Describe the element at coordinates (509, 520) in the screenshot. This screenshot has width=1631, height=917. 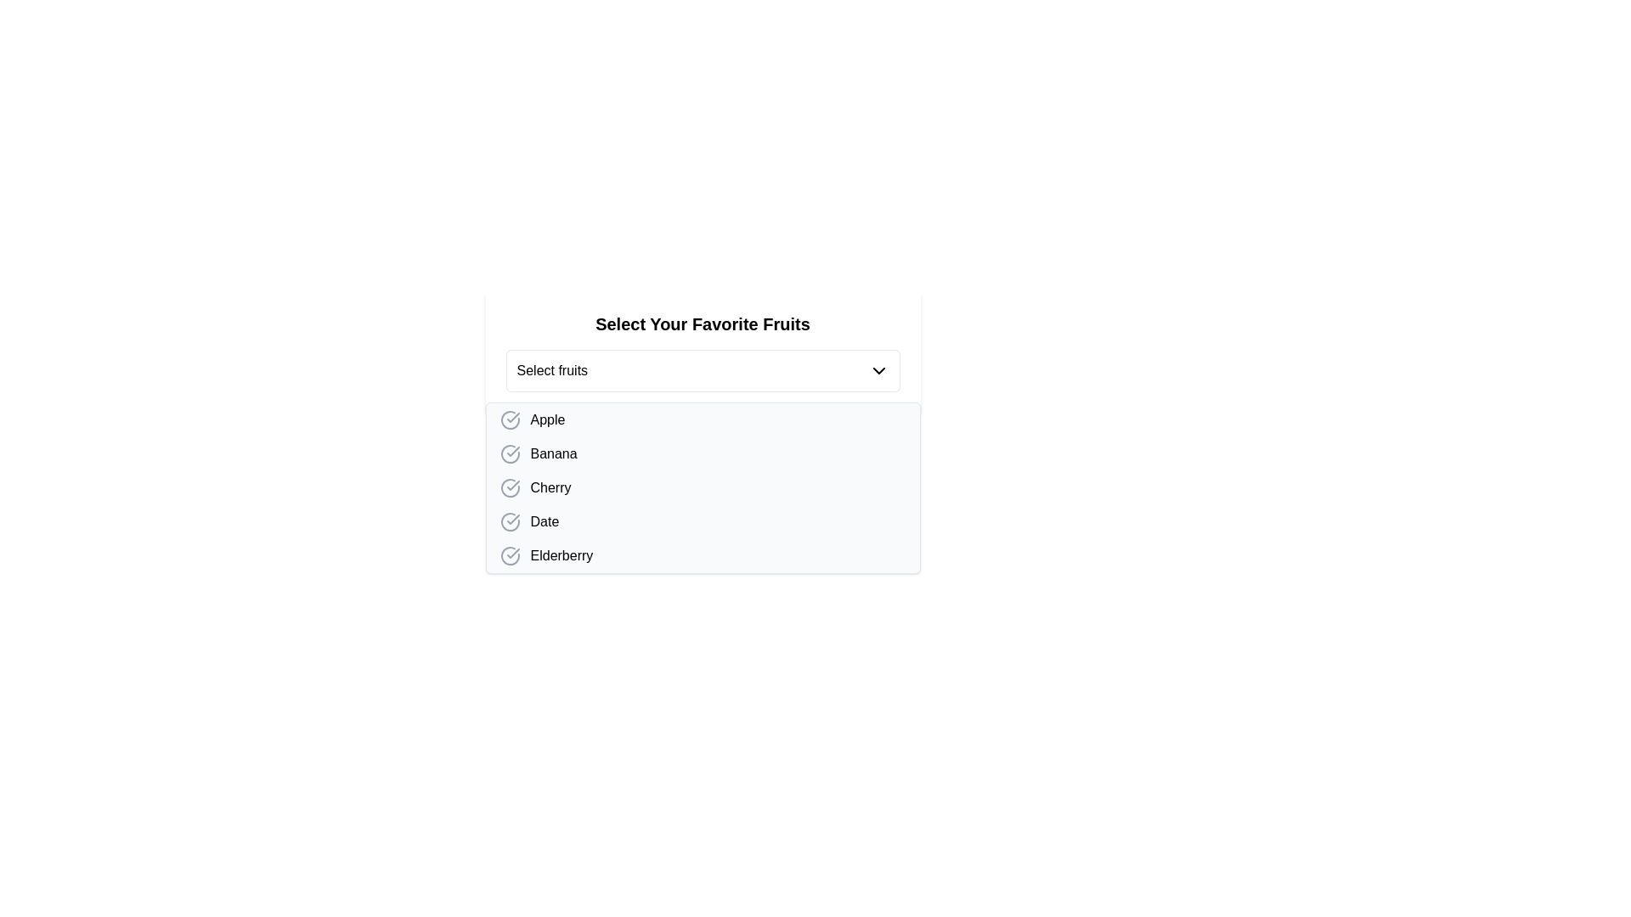
I see `the checkbox indicator for the 'Date' option, which is a circular element with a checkmark indicating the selected state` at that location.